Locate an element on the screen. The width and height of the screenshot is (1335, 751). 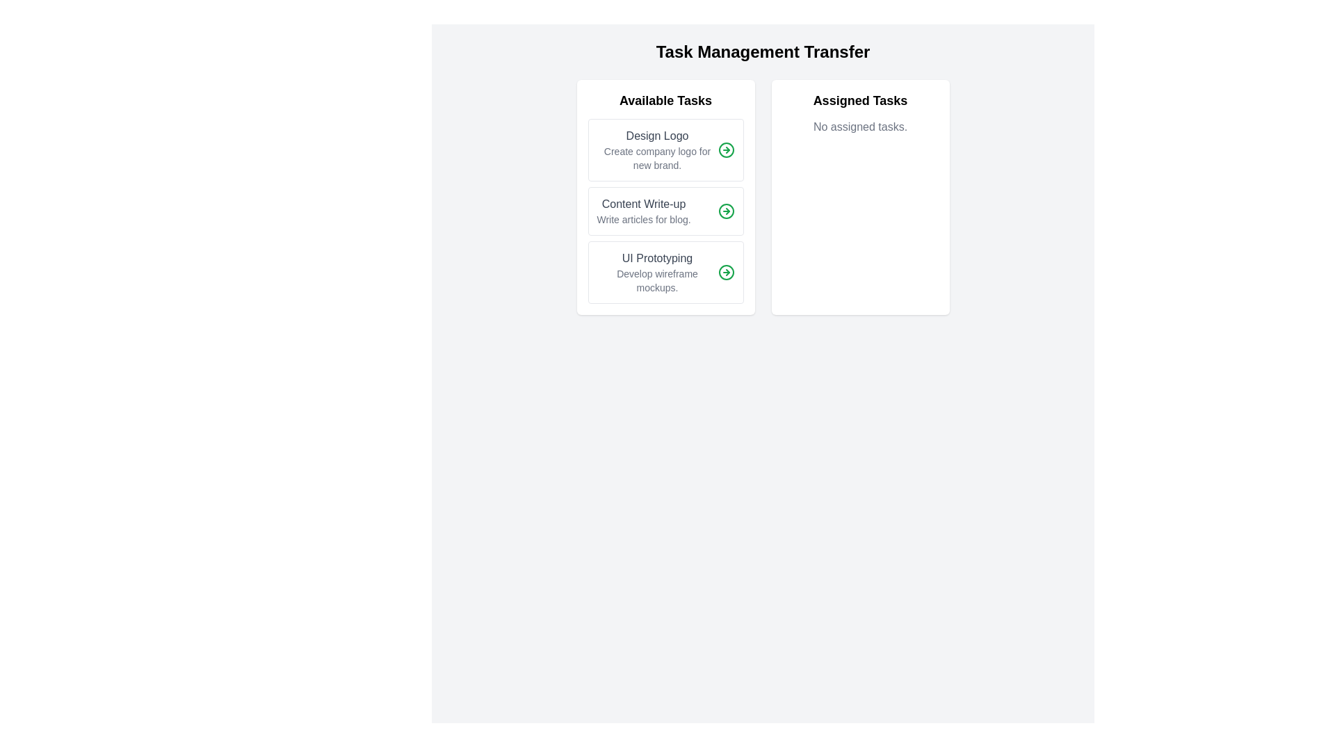
task information from the first card labeled 'Design Logo' located in the 'Available Tasks' column on the left side of the interface is located at coordinates (665, 150).